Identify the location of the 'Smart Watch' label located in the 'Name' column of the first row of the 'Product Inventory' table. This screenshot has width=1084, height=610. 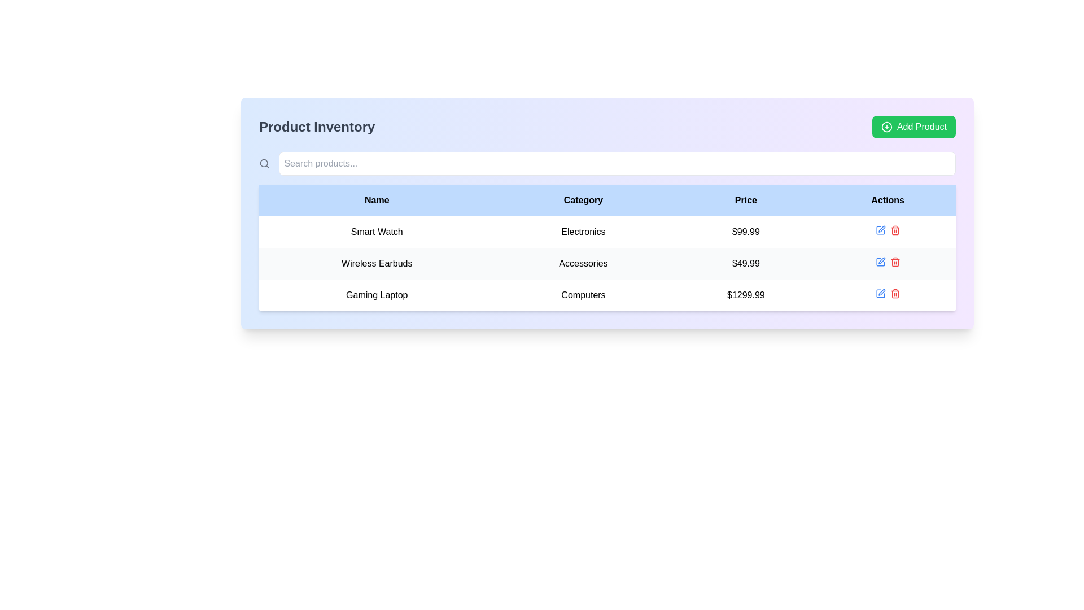
(377, 232).